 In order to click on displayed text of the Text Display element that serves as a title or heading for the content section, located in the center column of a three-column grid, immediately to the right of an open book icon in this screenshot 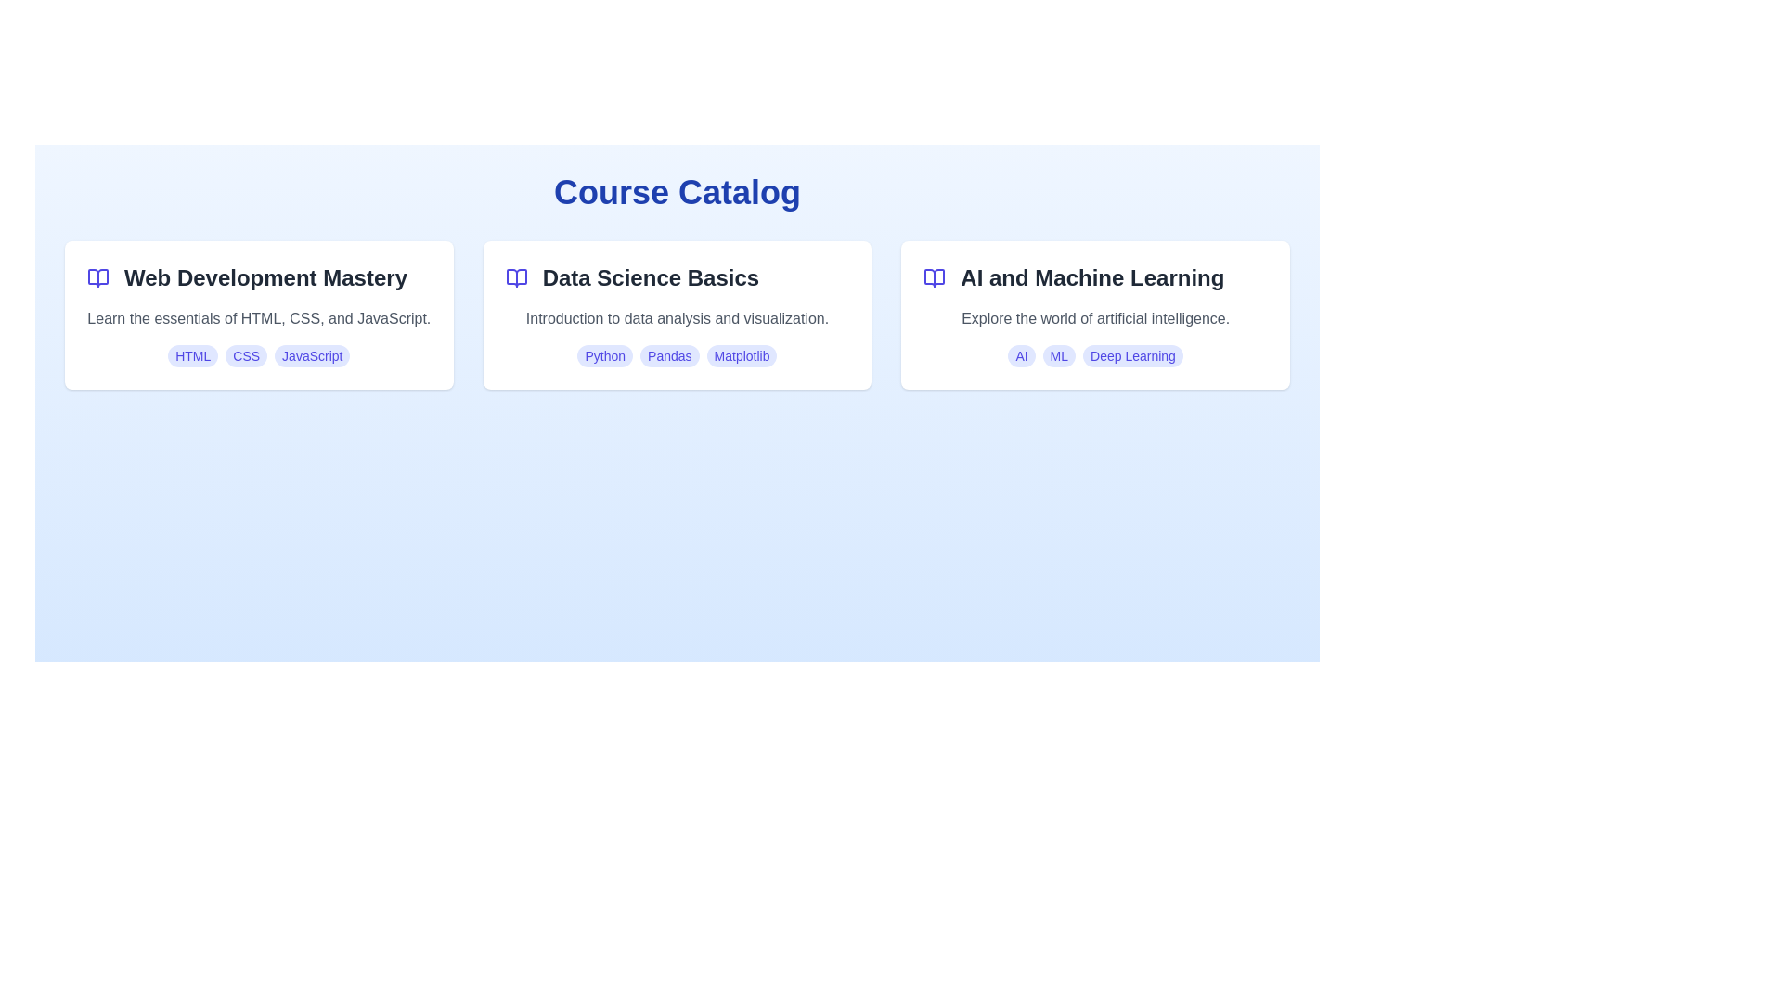, I will do `click(651, 278)`.